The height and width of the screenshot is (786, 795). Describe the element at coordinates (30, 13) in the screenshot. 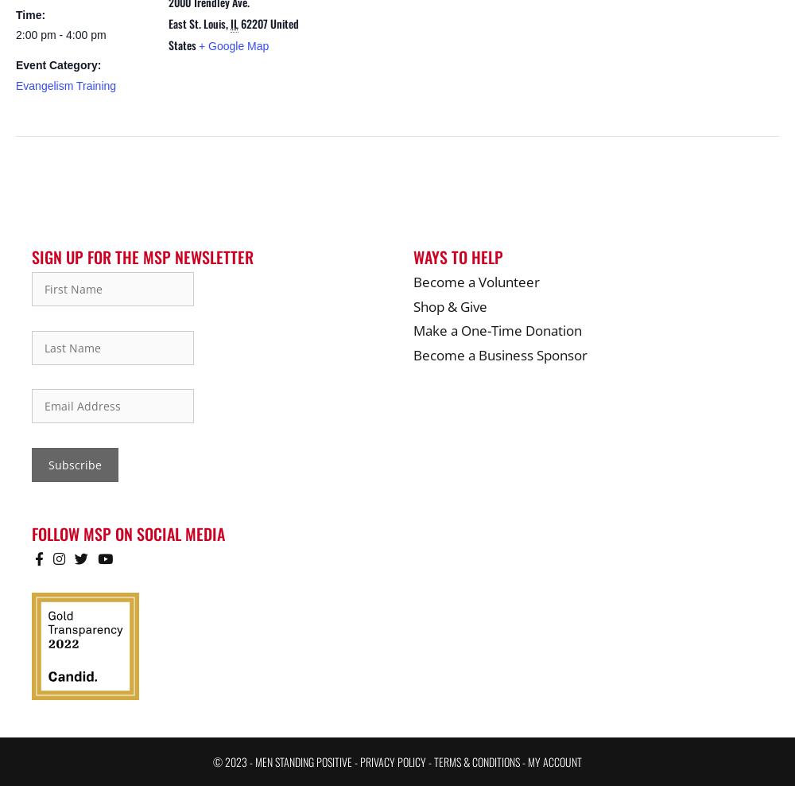

I see `'Time:'` at that location.